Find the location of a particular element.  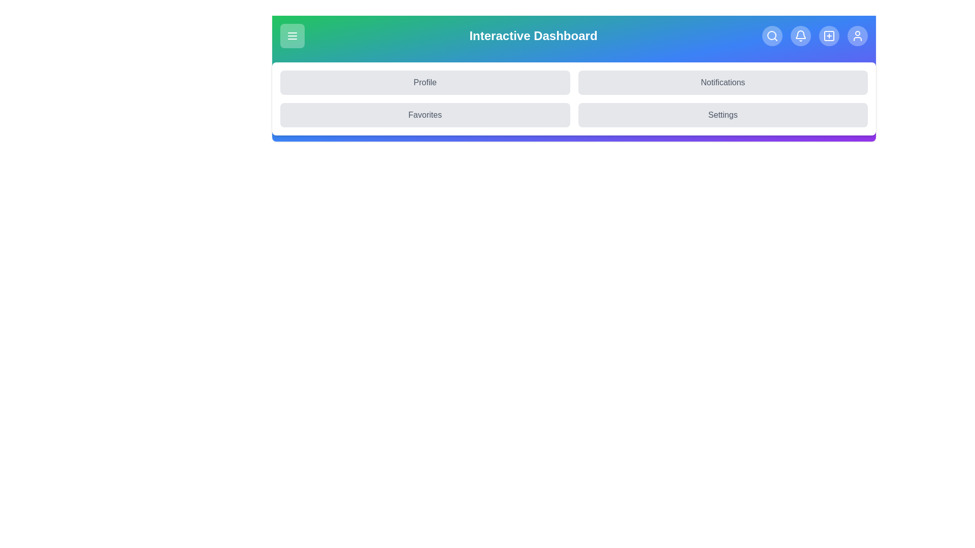

the Notifications button in the navigation bar is located at coordinates (722, 82).